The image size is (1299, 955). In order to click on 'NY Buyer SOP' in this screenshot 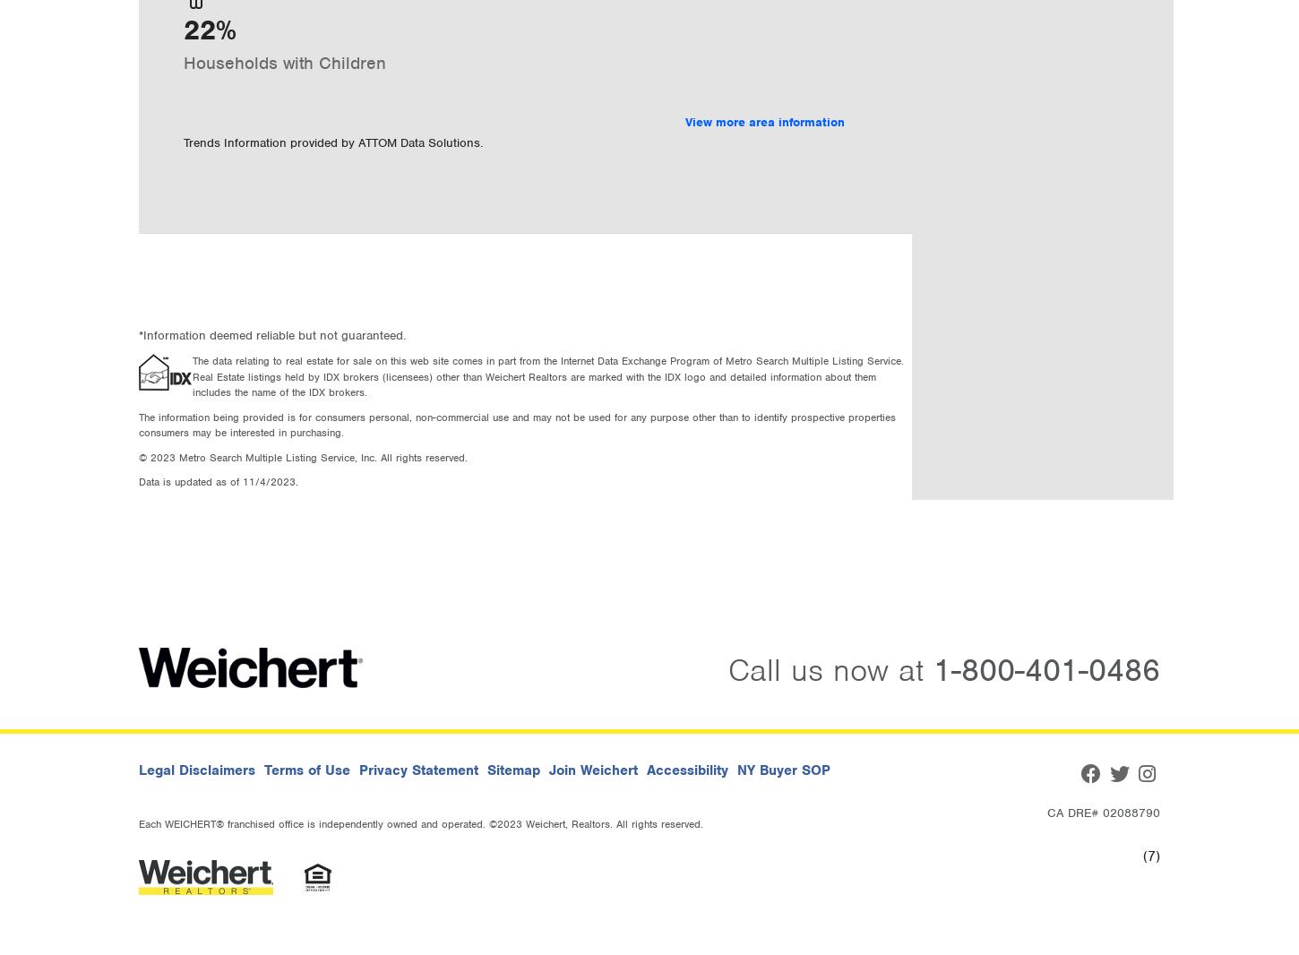, I will do `click(782, 770)`.